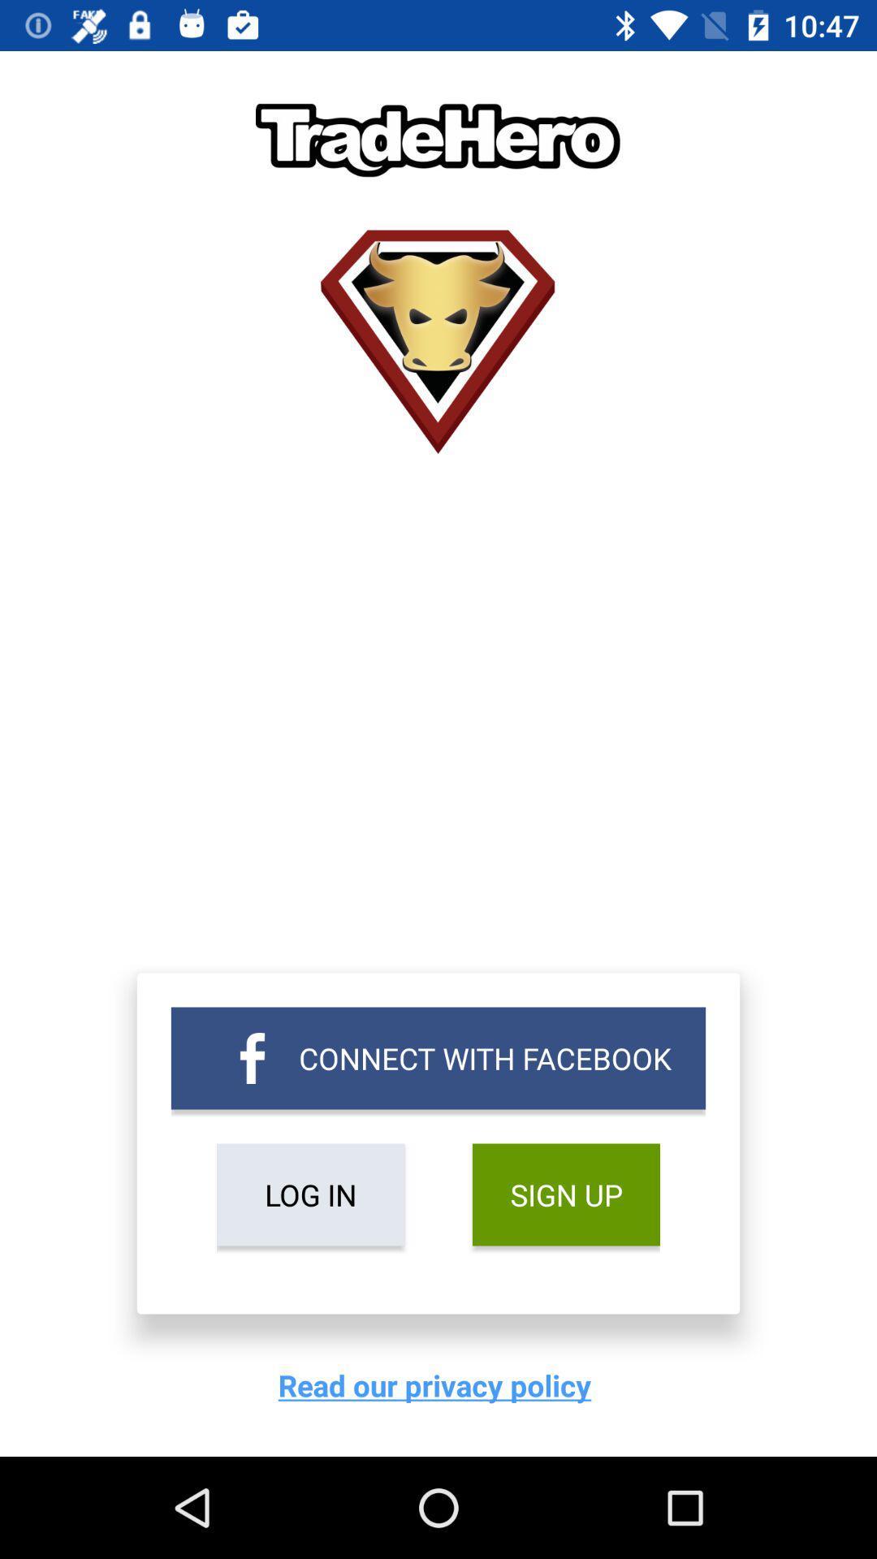 This screenshot has height=1559, width=877. Describe the element at coordinates (310, 1194) in the screenshot. I see `icon next to the sign up icon` at that location.